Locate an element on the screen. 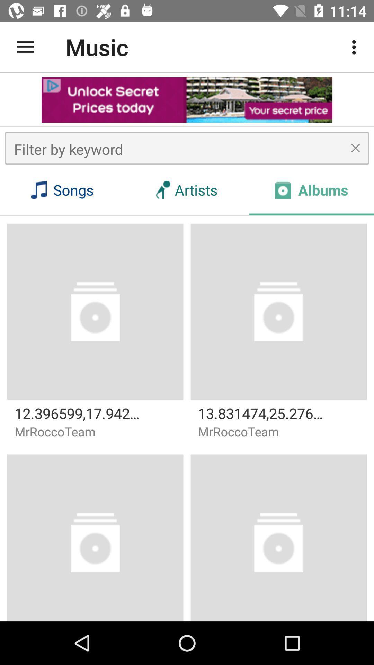 This screenshot has width=374, height=665. delete keyword search box is located at coordinates (355, 148).